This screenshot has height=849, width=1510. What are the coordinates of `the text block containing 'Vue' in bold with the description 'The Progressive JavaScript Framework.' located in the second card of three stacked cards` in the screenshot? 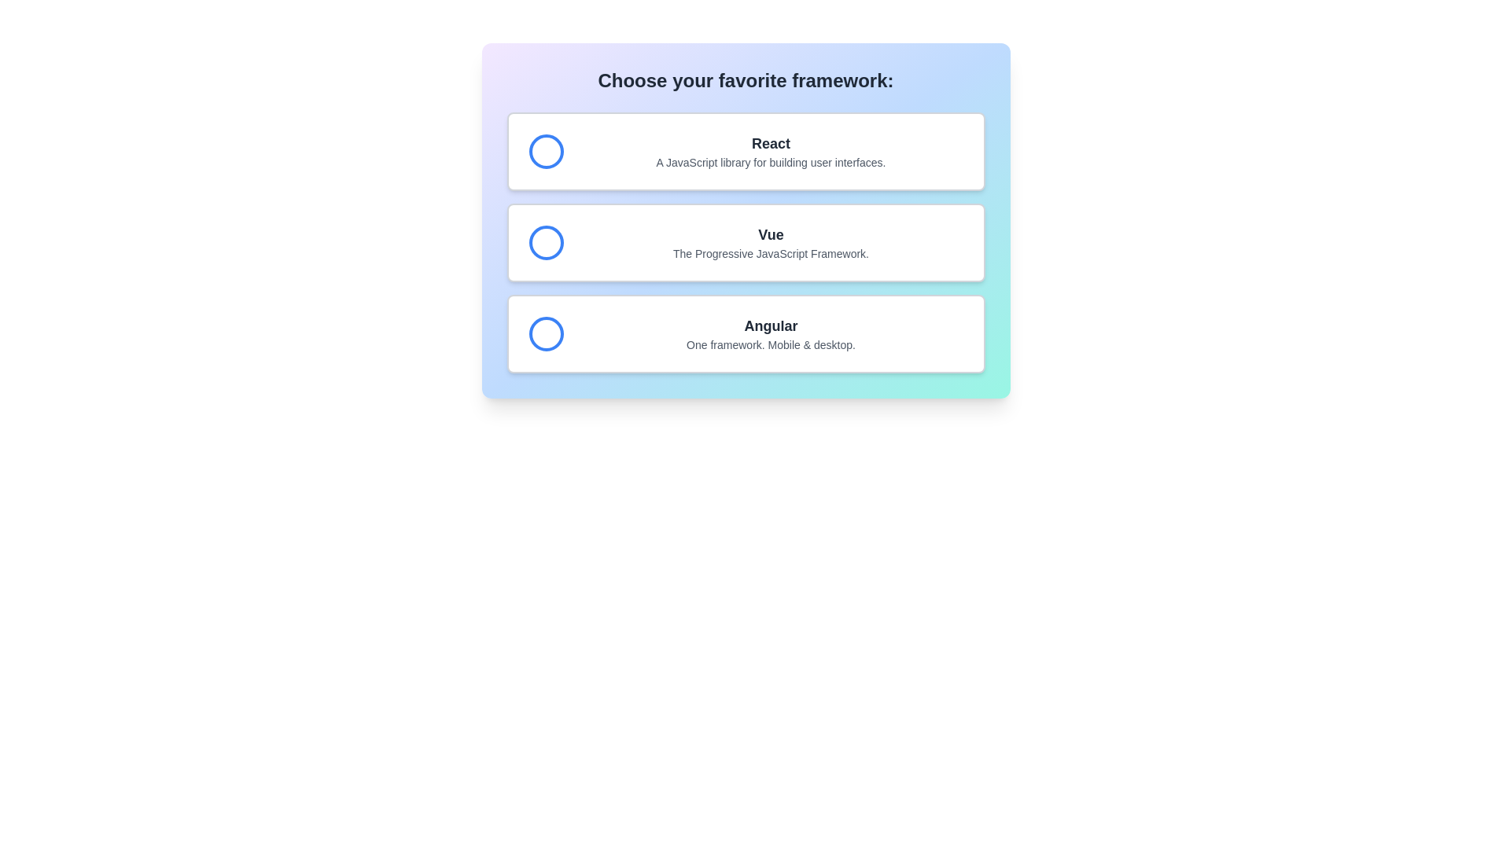 It's located at (771, 242).